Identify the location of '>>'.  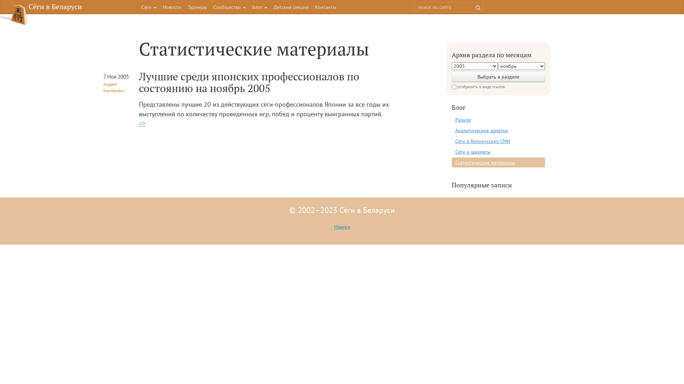
(142, 123).